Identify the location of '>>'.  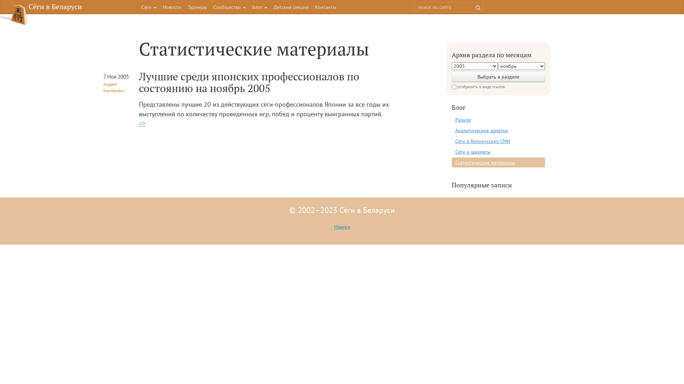
(142, 123).